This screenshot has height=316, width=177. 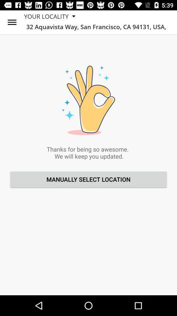 I want to click on the manually select location, so click(x=88, y=179).